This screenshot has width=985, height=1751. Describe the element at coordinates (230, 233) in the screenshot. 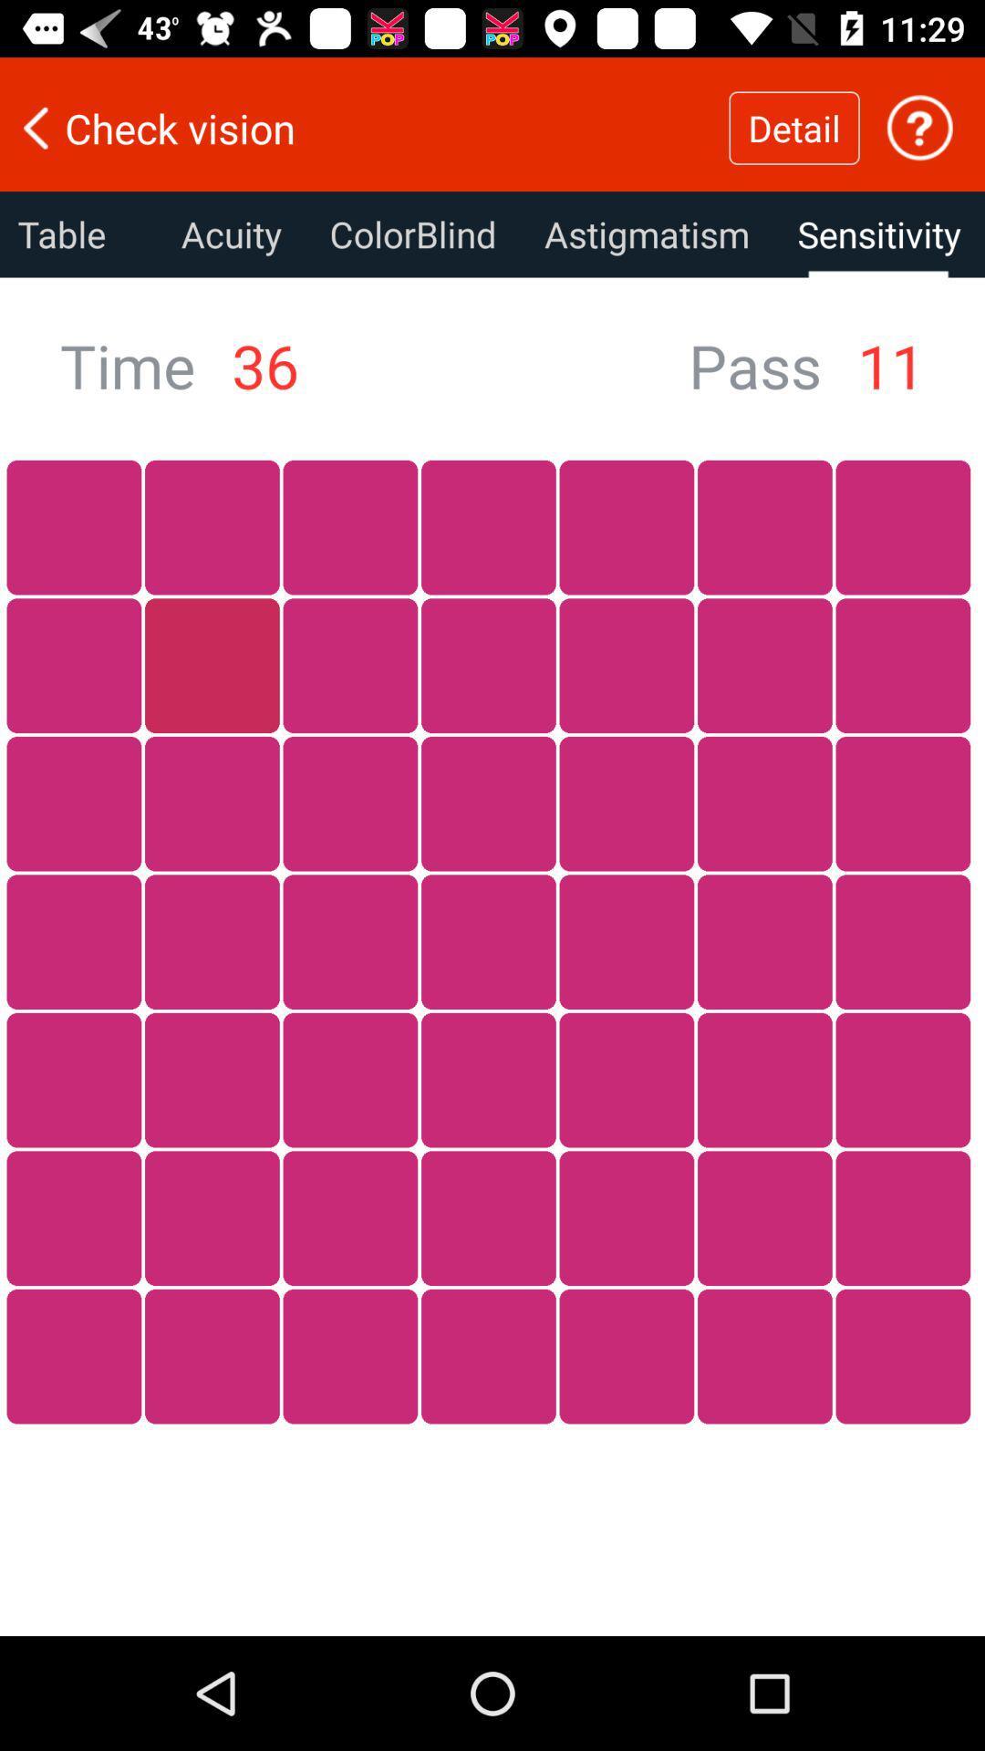

I see `the item next to the table item` at that location.